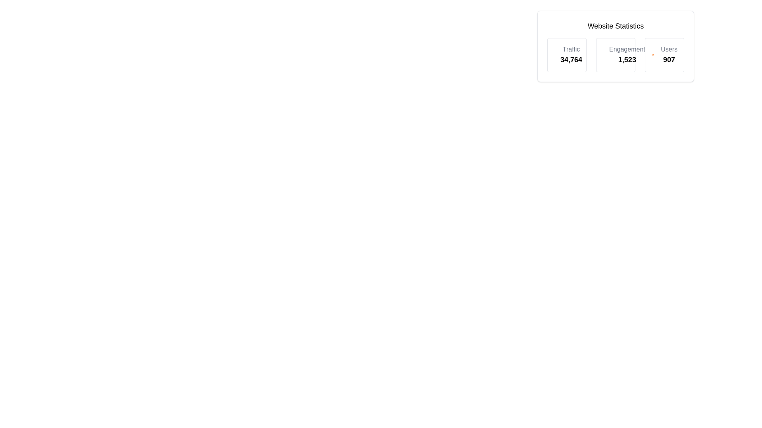 The image size is (762, 428). Describe the element at coordinates (627, 54) in the screenshot. I see `the Text element displaying 'Engagement' with the number '1,523' styled in gray and bold, located in the statistics card below 'Website Statistics'` at that location.